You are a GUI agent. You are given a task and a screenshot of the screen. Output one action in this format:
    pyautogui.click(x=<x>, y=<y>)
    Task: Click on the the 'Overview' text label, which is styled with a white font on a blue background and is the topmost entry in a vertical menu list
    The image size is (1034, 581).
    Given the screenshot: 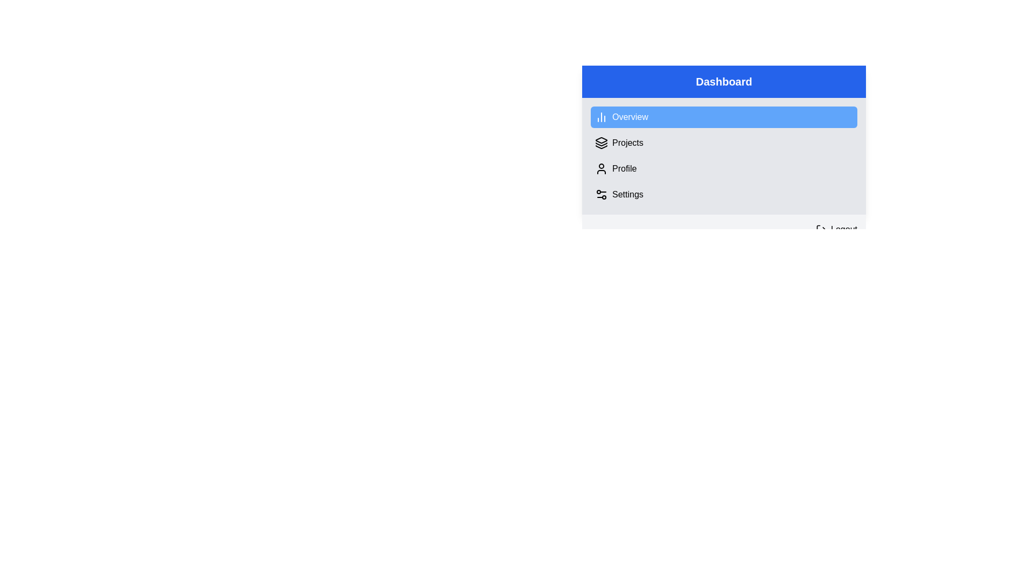 What is the action you would take?
    pyautogui.click(x=630, y=117)
    